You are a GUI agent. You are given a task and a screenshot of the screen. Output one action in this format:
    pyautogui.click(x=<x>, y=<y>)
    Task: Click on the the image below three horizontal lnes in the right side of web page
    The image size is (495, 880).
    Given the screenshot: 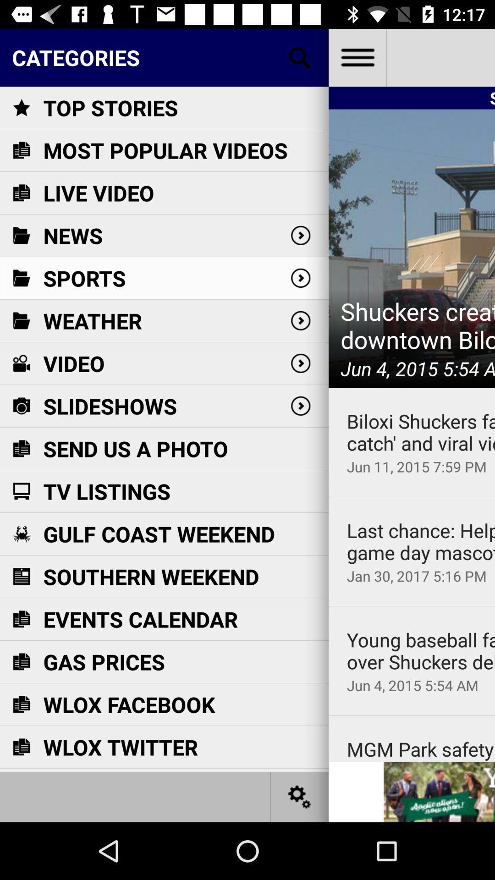 What is the action you would take?
    pyautogui.click(x=411, y=248)
    